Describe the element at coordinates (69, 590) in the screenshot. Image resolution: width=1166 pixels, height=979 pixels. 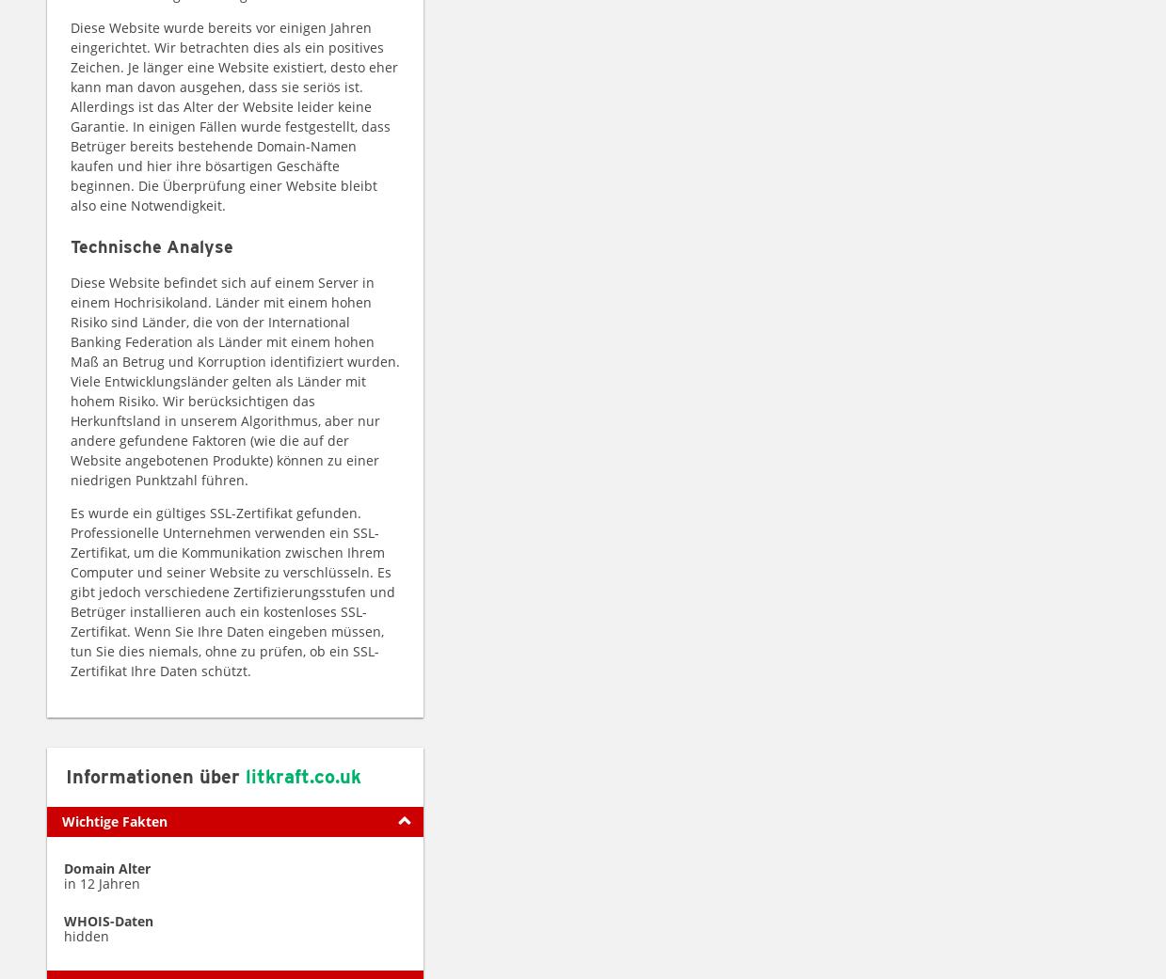
I see `'Es wurde ein gültiges SSL-Zertifikat gefunden. Professionelle Unternehmen verwenden ein SSL-Zertifikat, um die Kommunikation zwischen Ihrem Computer und seiner Website zu verschlüsseln. Es gibt jedoch verschiedene Zertifizierungsstufen und Betrüger installieren auch ein kostenloses SSL-Zertifikat. Wenn Sie Ihre Daten eingeben müssen, tun Sie dies niemals, ohne zu prüfen, ob ein SSL-Zertifikat Ihre Daten schützt.'` at that location.